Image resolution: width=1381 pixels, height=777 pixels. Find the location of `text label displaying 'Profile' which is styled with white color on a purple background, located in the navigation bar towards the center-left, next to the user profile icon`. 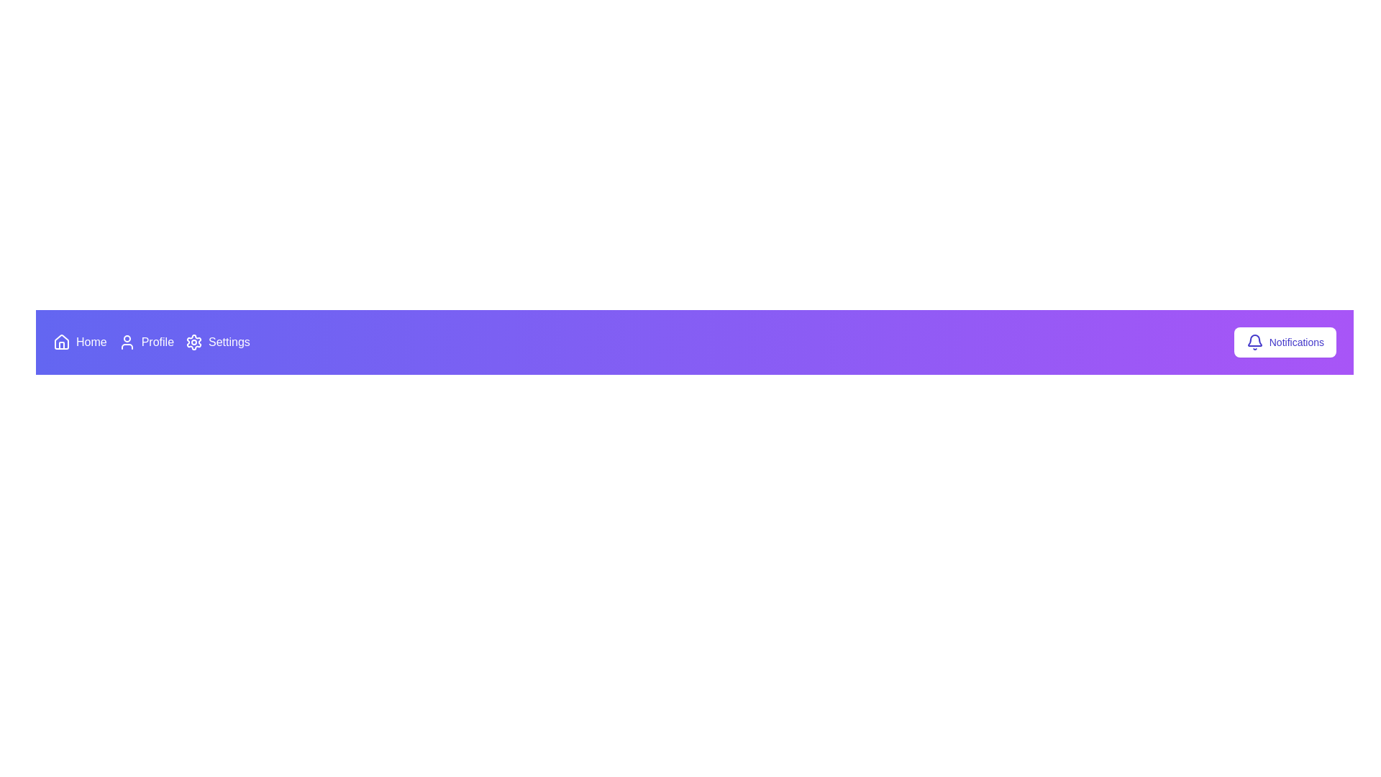

text label displaying 'Profile' which is styled with white color on a purple background, located in the navigation bar towards the center-left, next to the user profile icon is located at coordinates (158, 342).